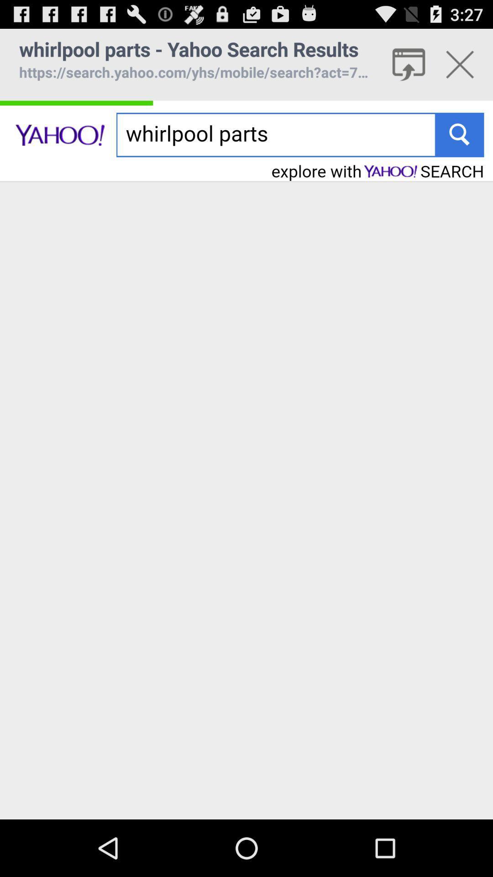 The width and height of the screenshot is (493, 877). I want to click on the close icon, so click(460, 69).